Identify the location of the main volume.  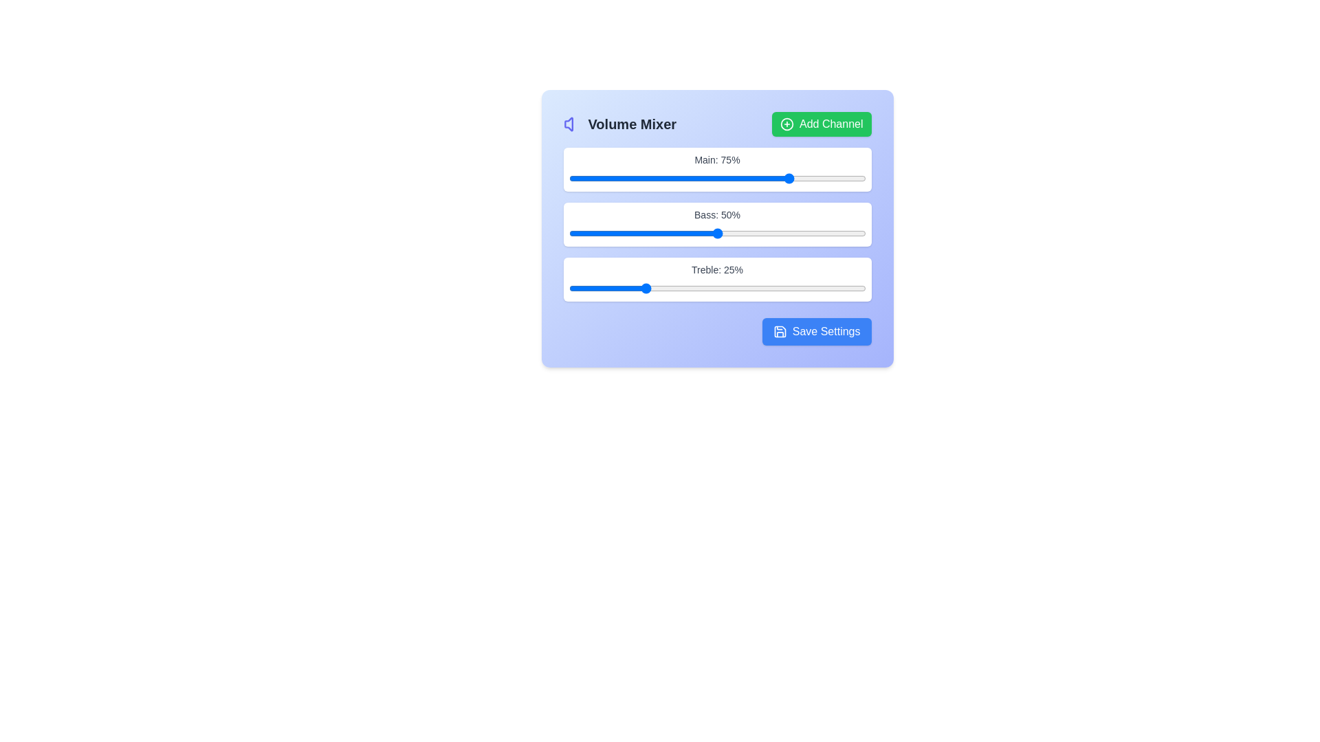
(654, 177).